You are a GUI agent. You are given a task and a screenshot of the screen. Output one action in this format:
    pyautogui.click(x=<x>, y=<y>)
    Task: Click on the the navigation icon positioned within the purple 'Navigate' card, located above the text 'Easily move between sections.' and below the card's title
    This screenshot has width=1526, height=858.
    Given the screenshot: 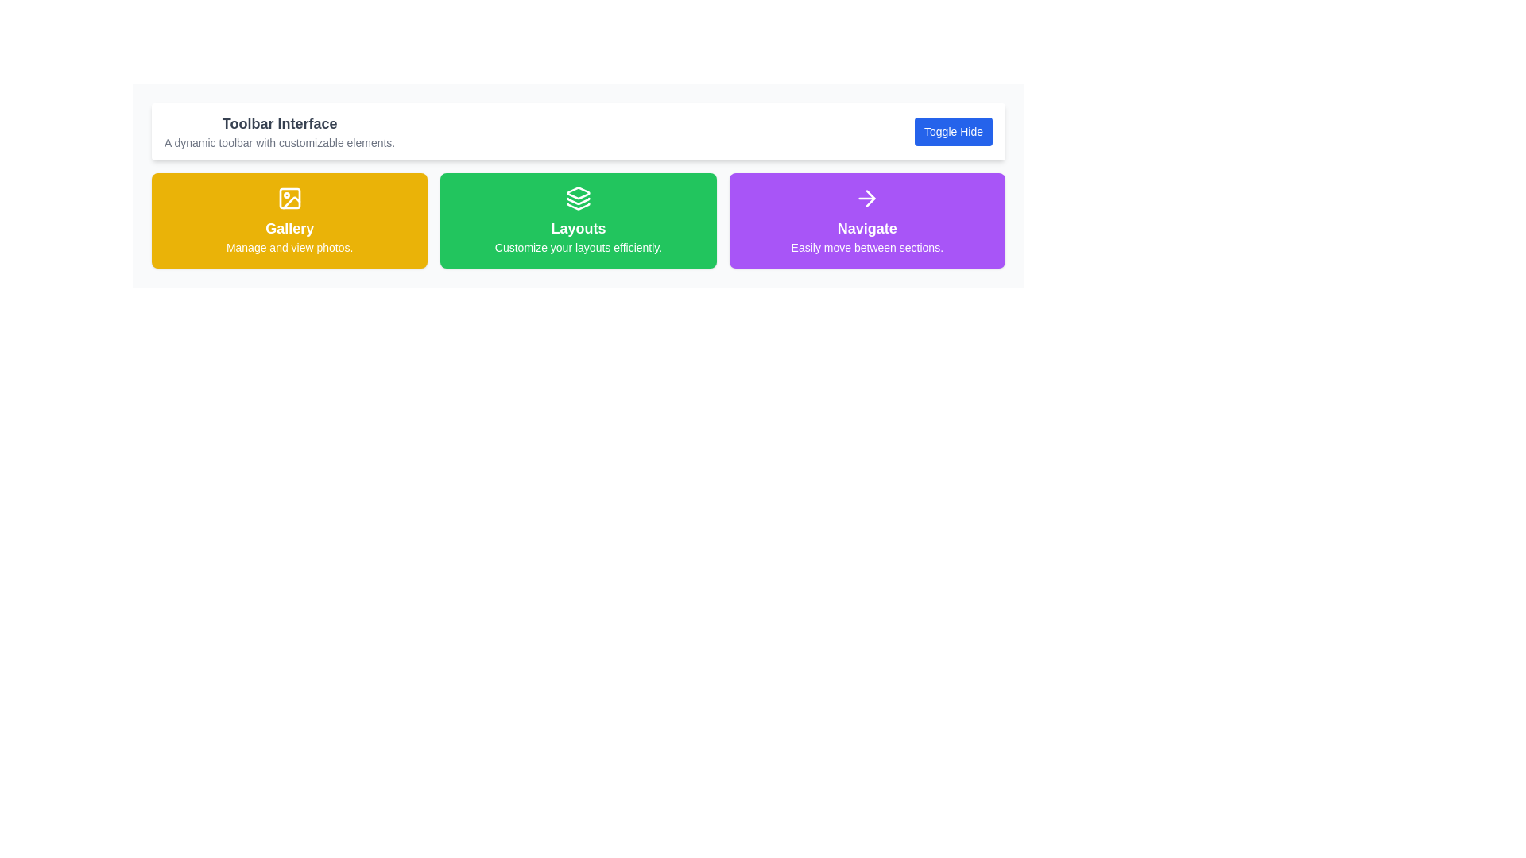 What is the action you would take?
    pyautogui.click(x=866, y=198)
    